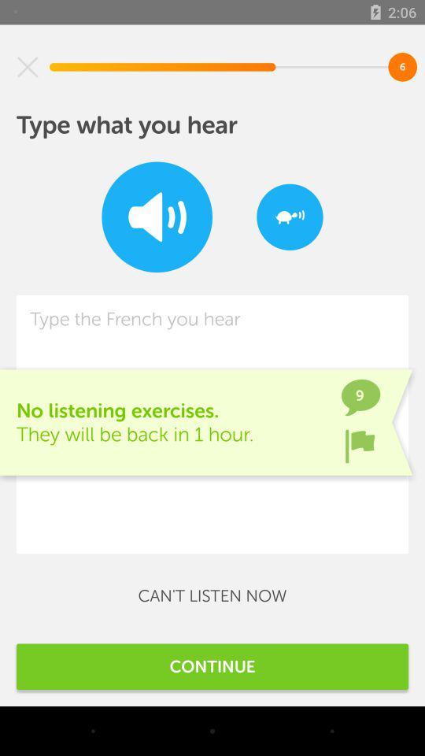 This screenshot has height=756, width=425. What do you see at coordinates (28, 67) in the screenshot?
I see `item above the type what you item` at bounding box center [28, 67].